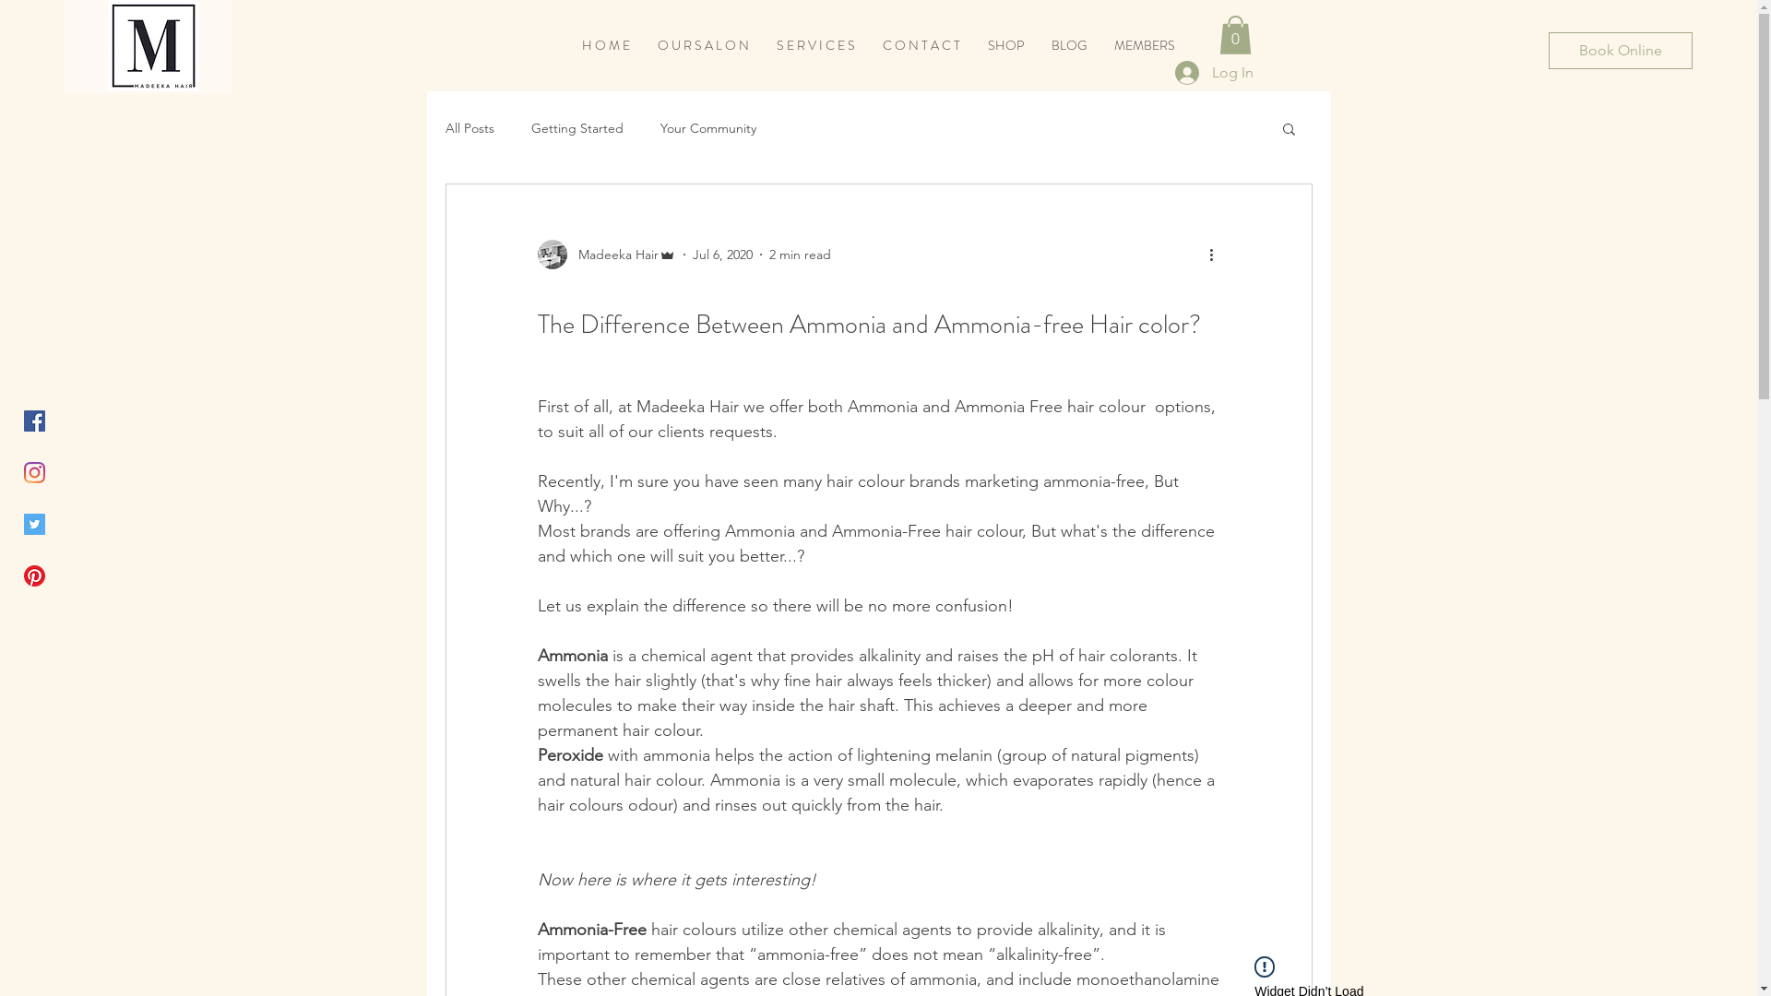  What do you see at coordinates (1144, 44) in the screenshot?
I see `'MEMBERS'` at bounding box center [1144, 44].